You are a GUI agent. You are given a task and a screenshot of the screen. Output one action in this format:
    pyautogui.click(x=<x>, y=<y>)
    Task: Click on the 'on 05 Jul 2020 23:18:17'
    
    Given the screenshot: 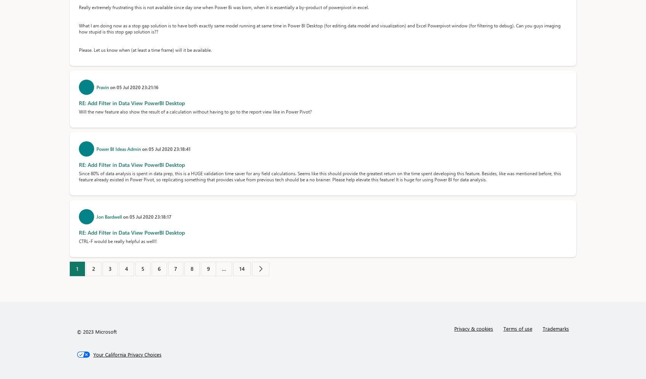 What is the action you would take?
    pyautogui.click(x=146, y=217)
    